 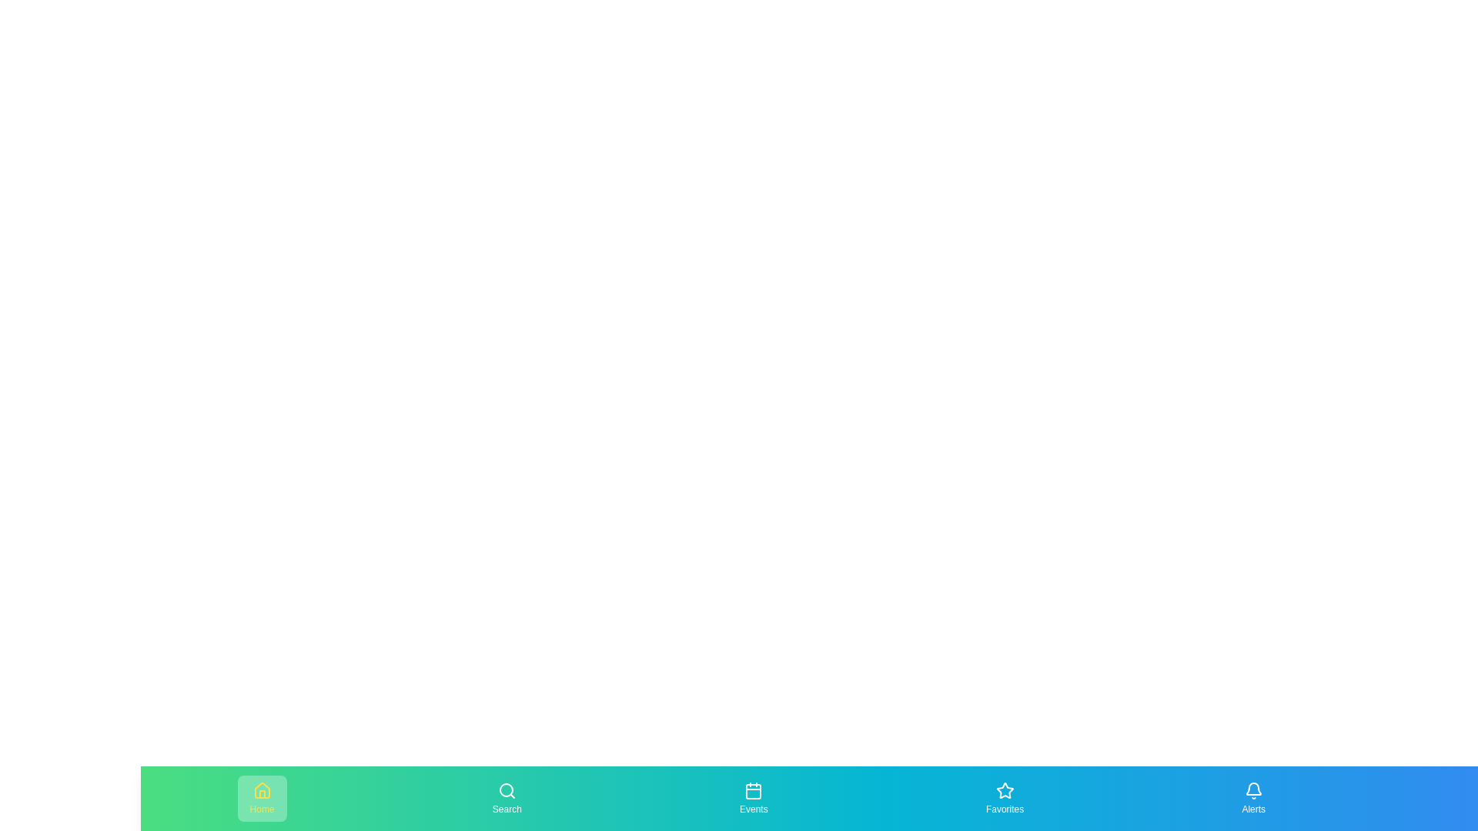 What do you see at coordinates (1005, 797) in the screenshot?
I see `the navigation item Favorites` at bounding box center [1005, 797].